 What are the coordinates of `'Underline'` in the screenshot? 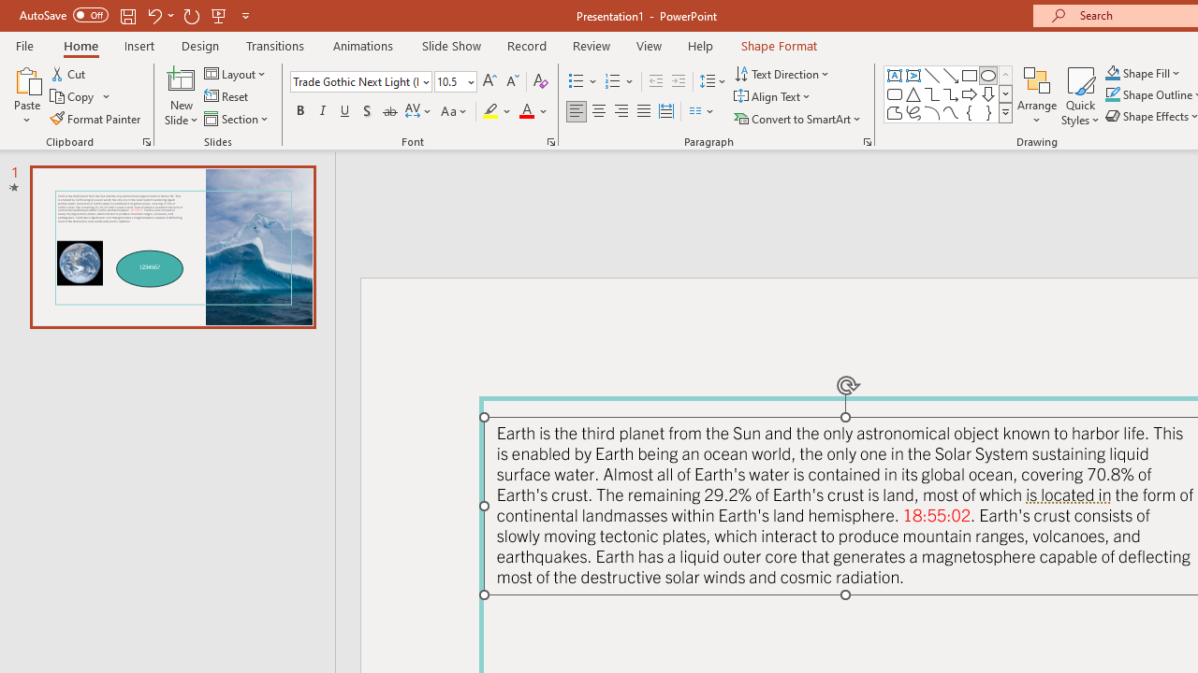 It's located at (345, 111).